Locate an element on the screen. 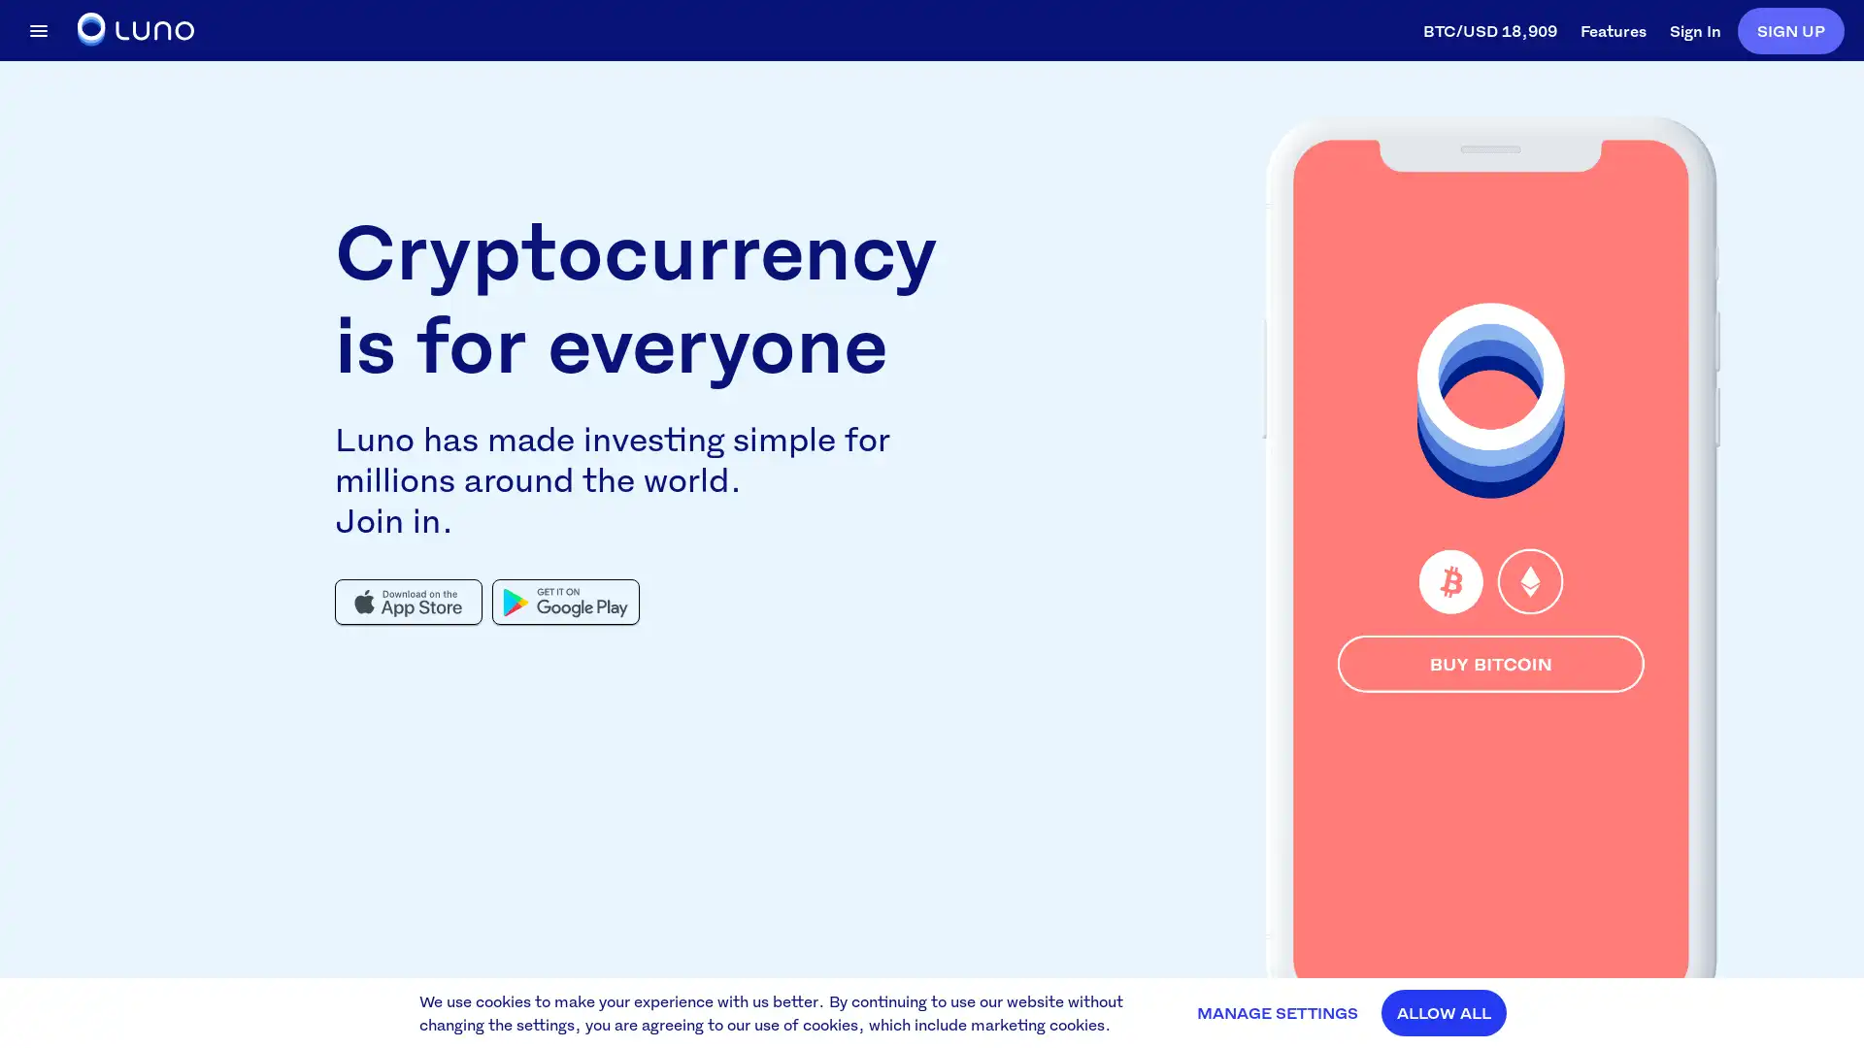 Image resolution: width=1864 pixels, height=1048 pixels. The hamburger button that opens the menu is located at coordinates (38, 29).